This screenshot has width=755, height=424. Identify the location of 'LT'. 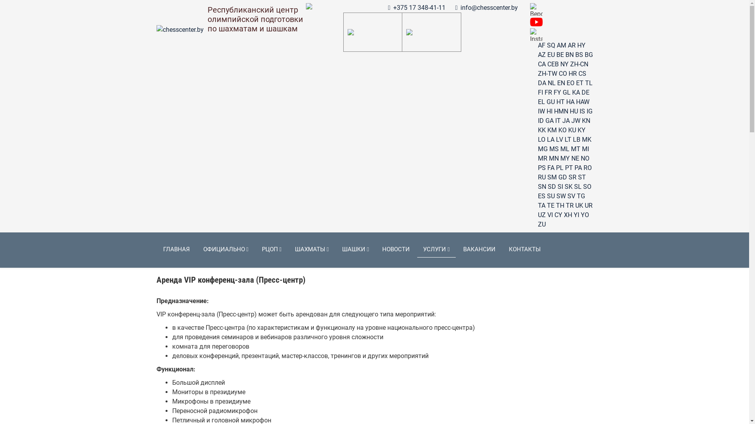
(564, 139).